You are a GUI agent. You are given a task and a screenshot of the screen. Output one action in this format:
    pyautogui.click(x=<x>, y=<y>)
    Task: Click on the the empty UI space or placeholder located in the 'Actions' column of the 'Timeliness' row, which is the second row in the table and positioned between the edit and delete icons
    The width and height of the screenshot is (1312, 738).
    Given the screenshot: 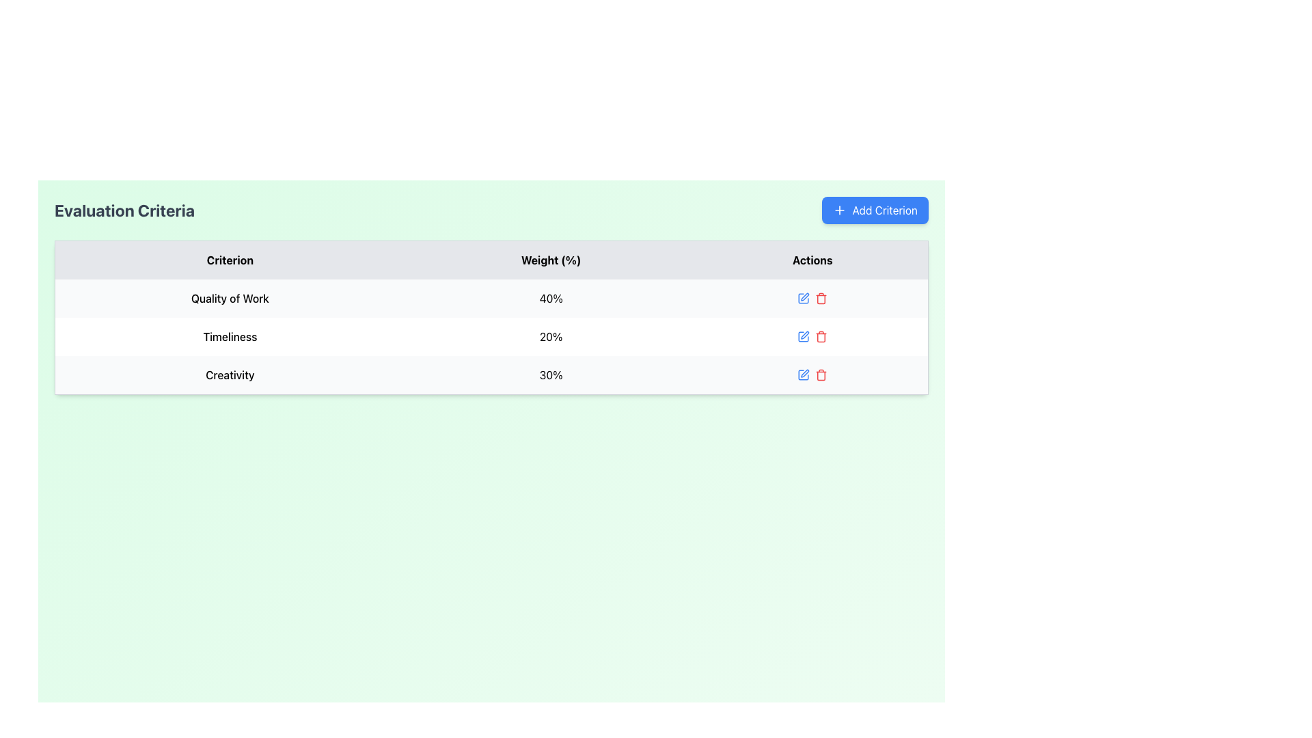 What is the action you would take?
    pyautogui.click(x=812, y=337)
    